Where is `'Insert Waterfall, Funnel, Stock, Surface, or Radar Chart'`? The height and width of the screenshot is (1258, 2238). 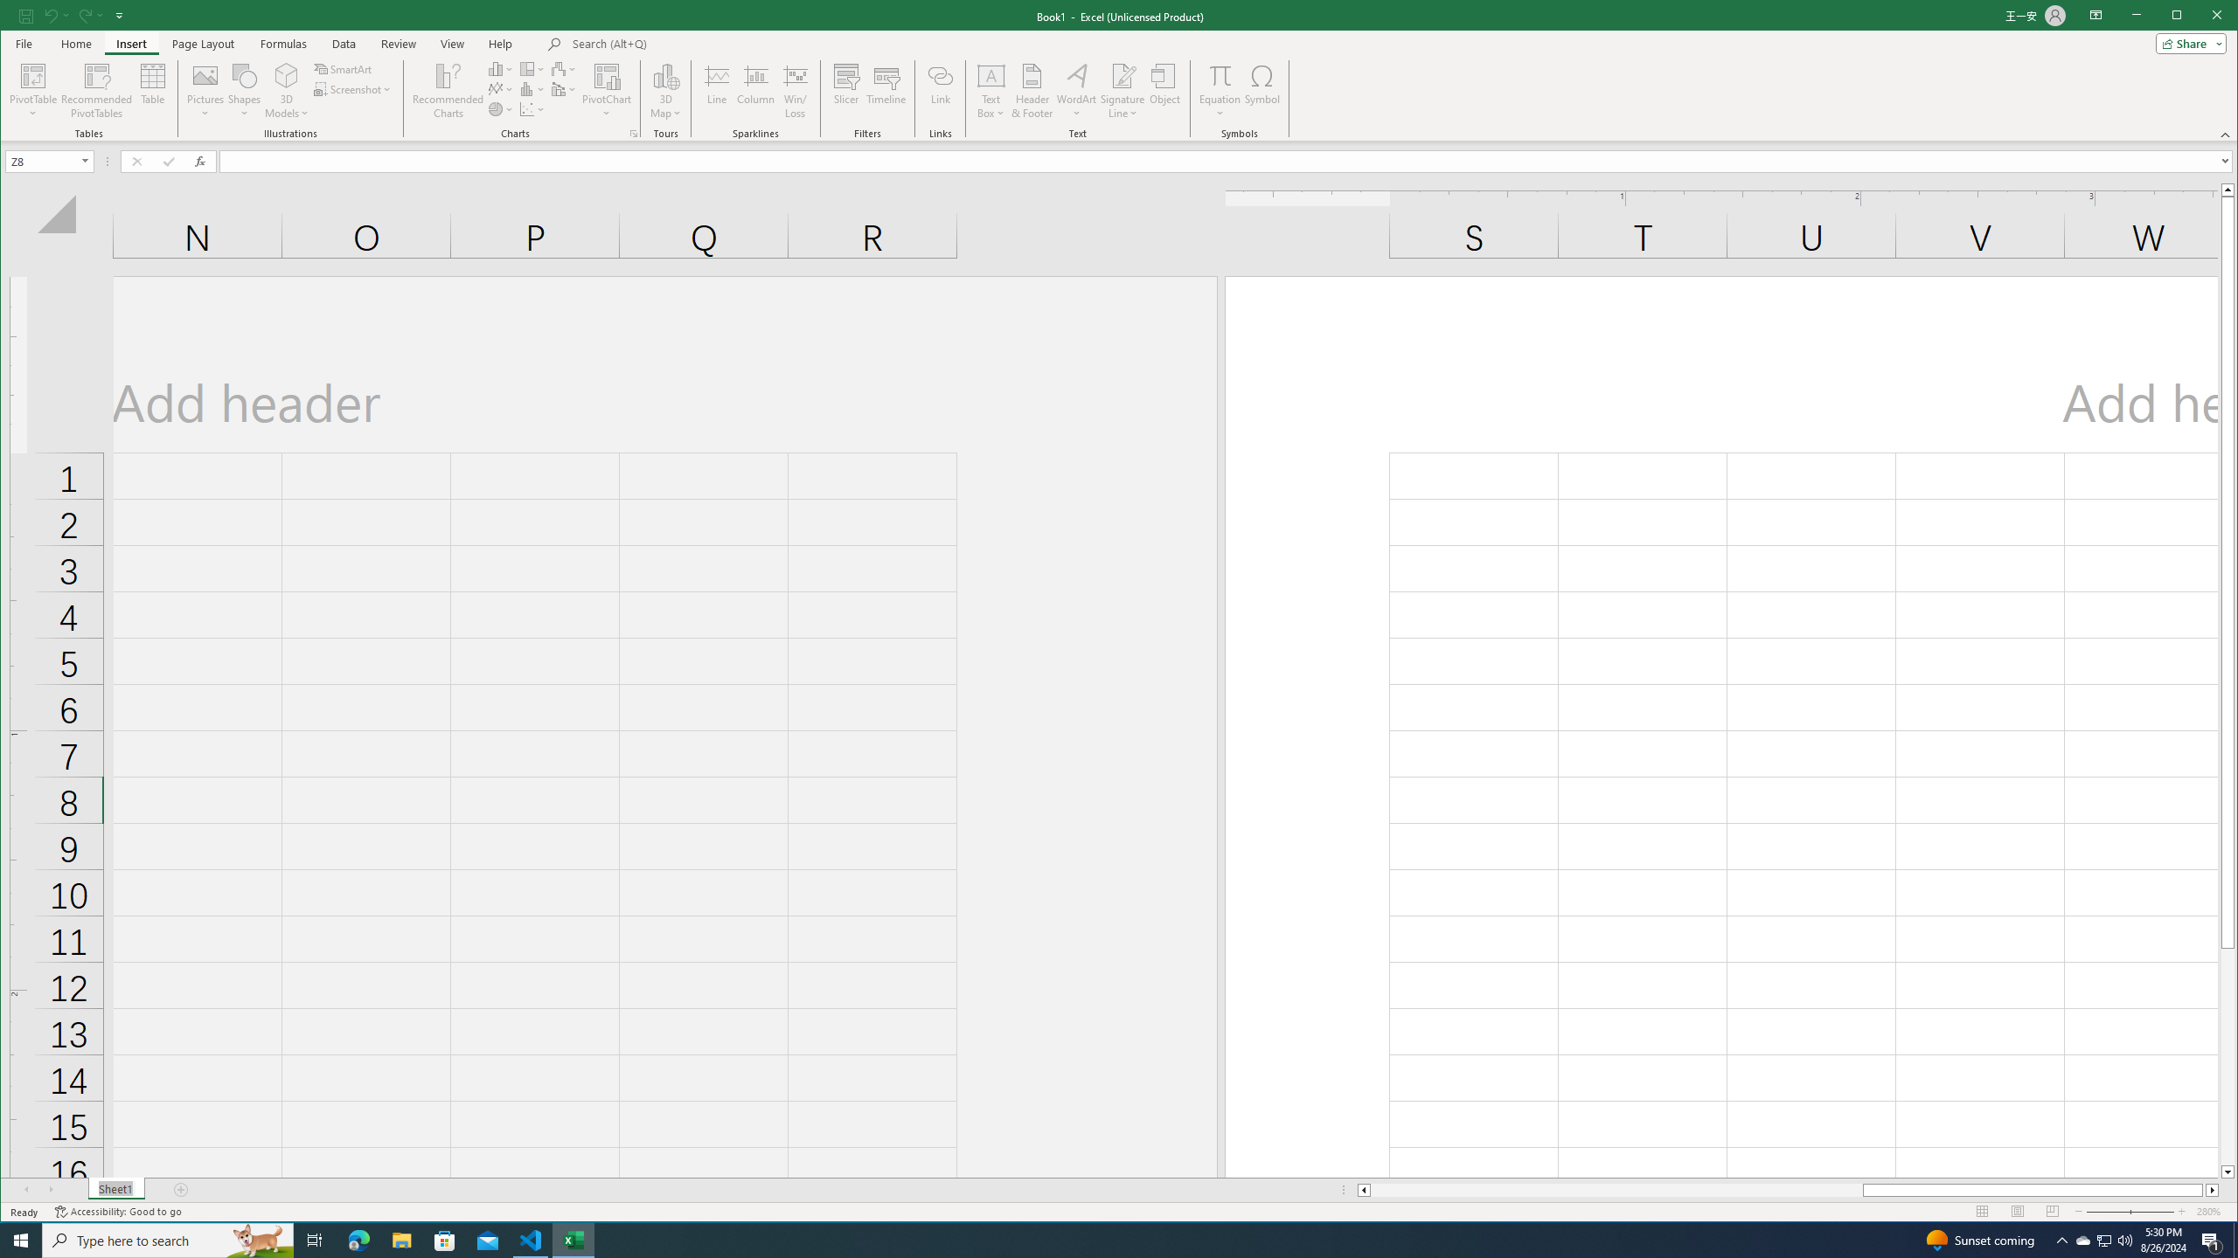
'Insert Waterfall, Funnel, Stock, Surface, or Radar Chart' is located at coordinates (563, 68).